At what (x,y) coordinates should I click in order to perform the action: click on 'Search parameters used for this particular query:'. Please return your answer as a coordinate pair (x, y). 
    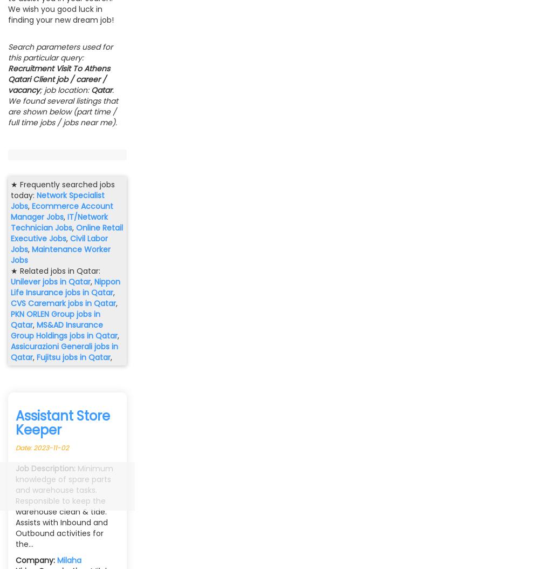
    Looking at the image, I should click on (59, 51).